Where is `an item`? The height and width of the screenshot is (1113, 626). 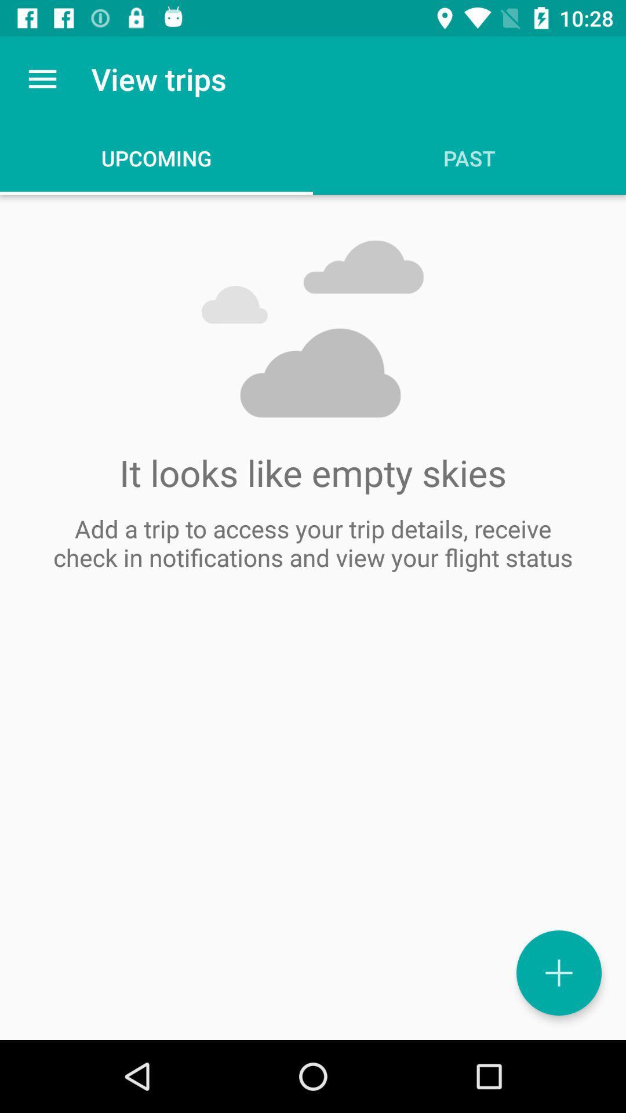
an item is located at coordinates (558, 973).